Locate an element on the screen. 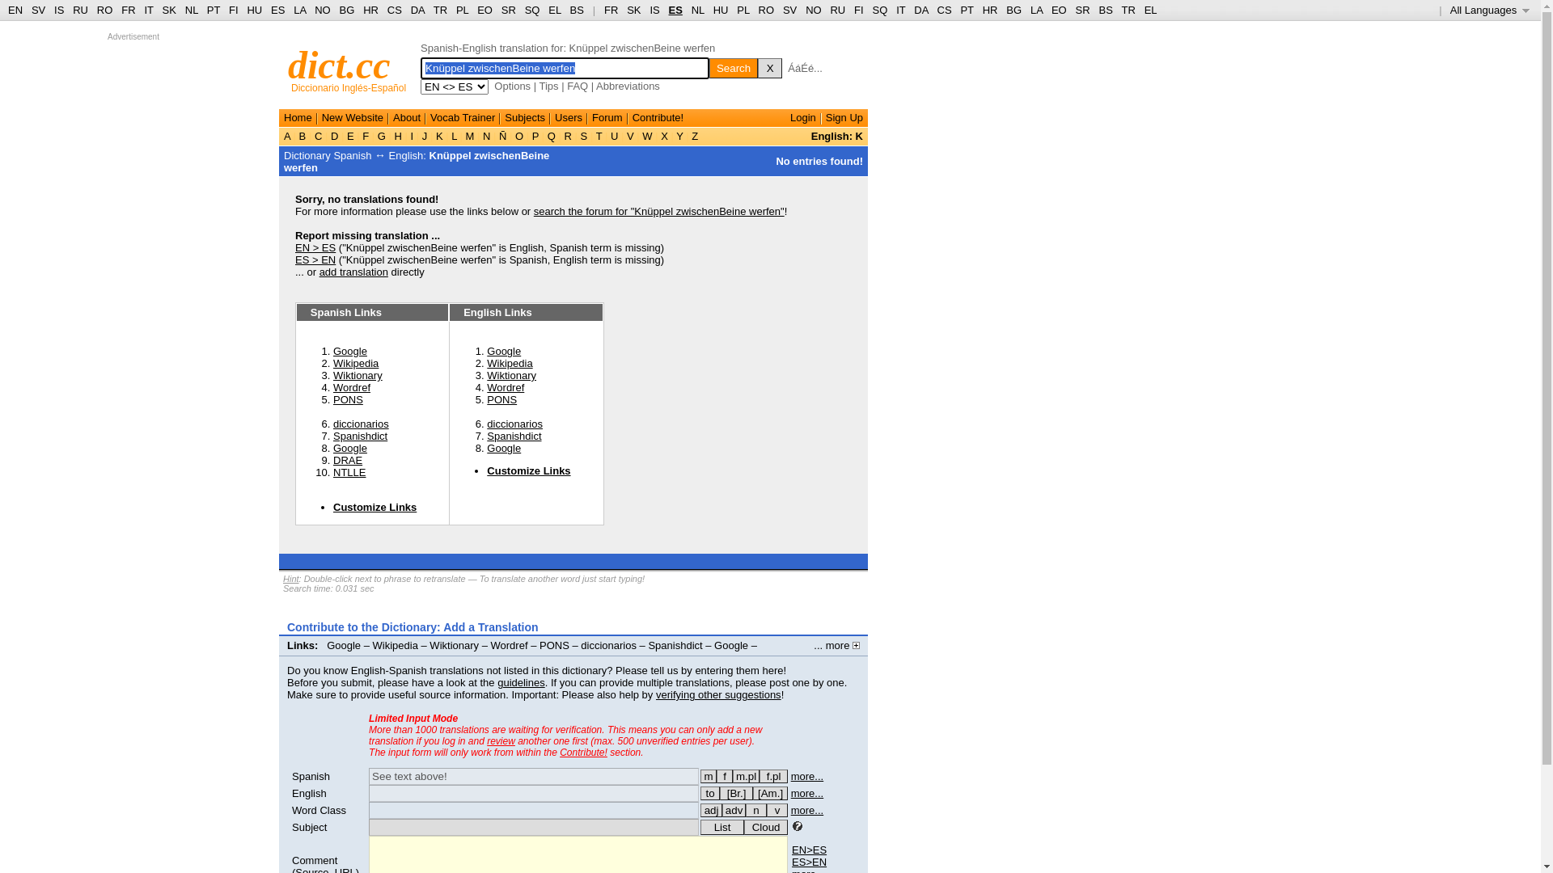 The height and width of the screenshot is (873, 1553). 'Wikipedia' is located at coordinates (485, 362).